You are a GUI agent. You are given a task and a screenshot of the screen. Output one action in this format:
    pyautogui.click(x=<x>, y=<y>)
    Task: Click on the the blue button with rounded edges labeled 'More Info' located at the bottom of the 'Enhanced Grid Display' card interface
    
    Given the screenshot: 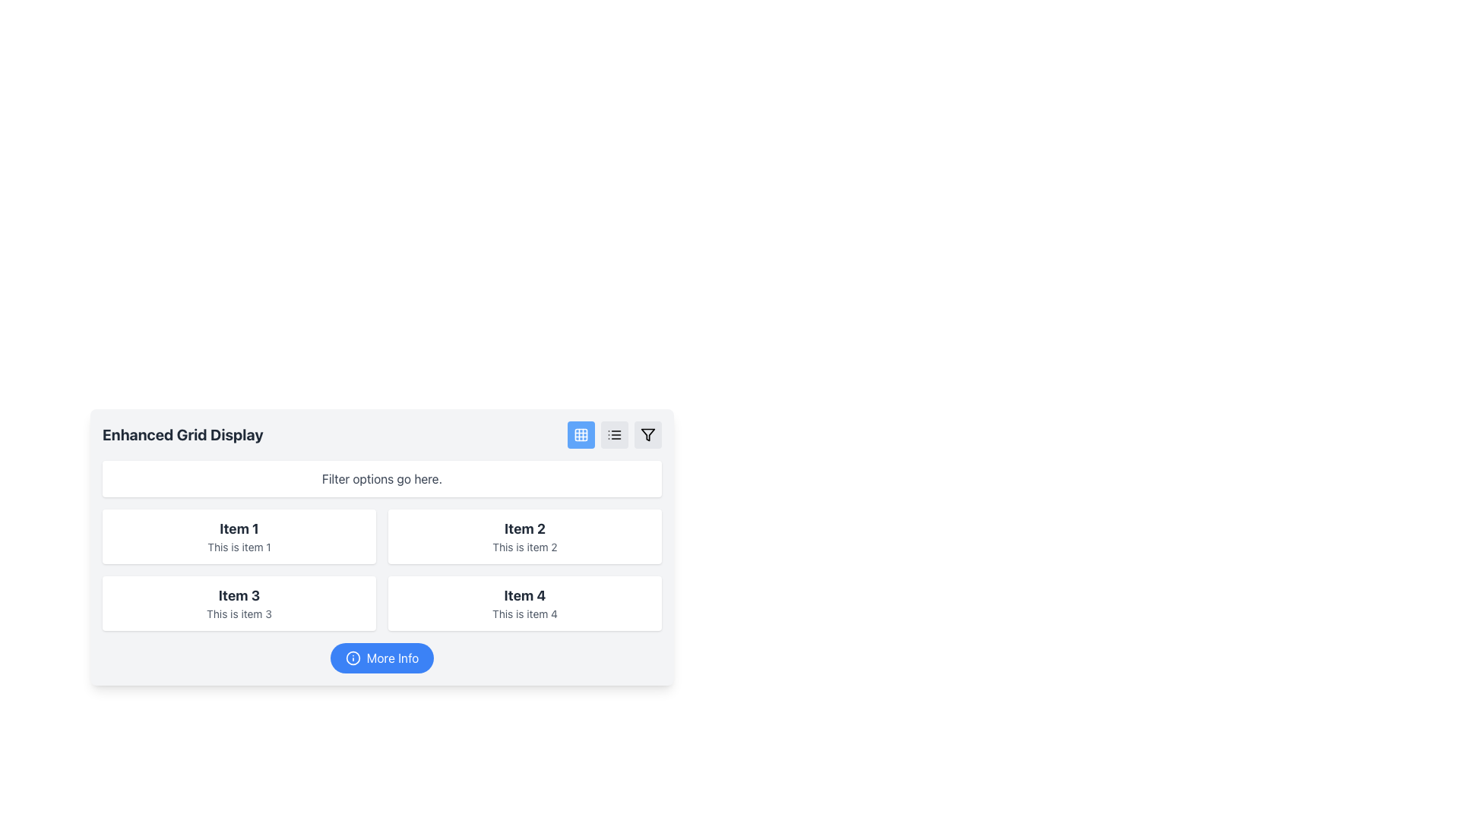 What is the action you would take?
    pyautogui.click(x=382, y=658)
    